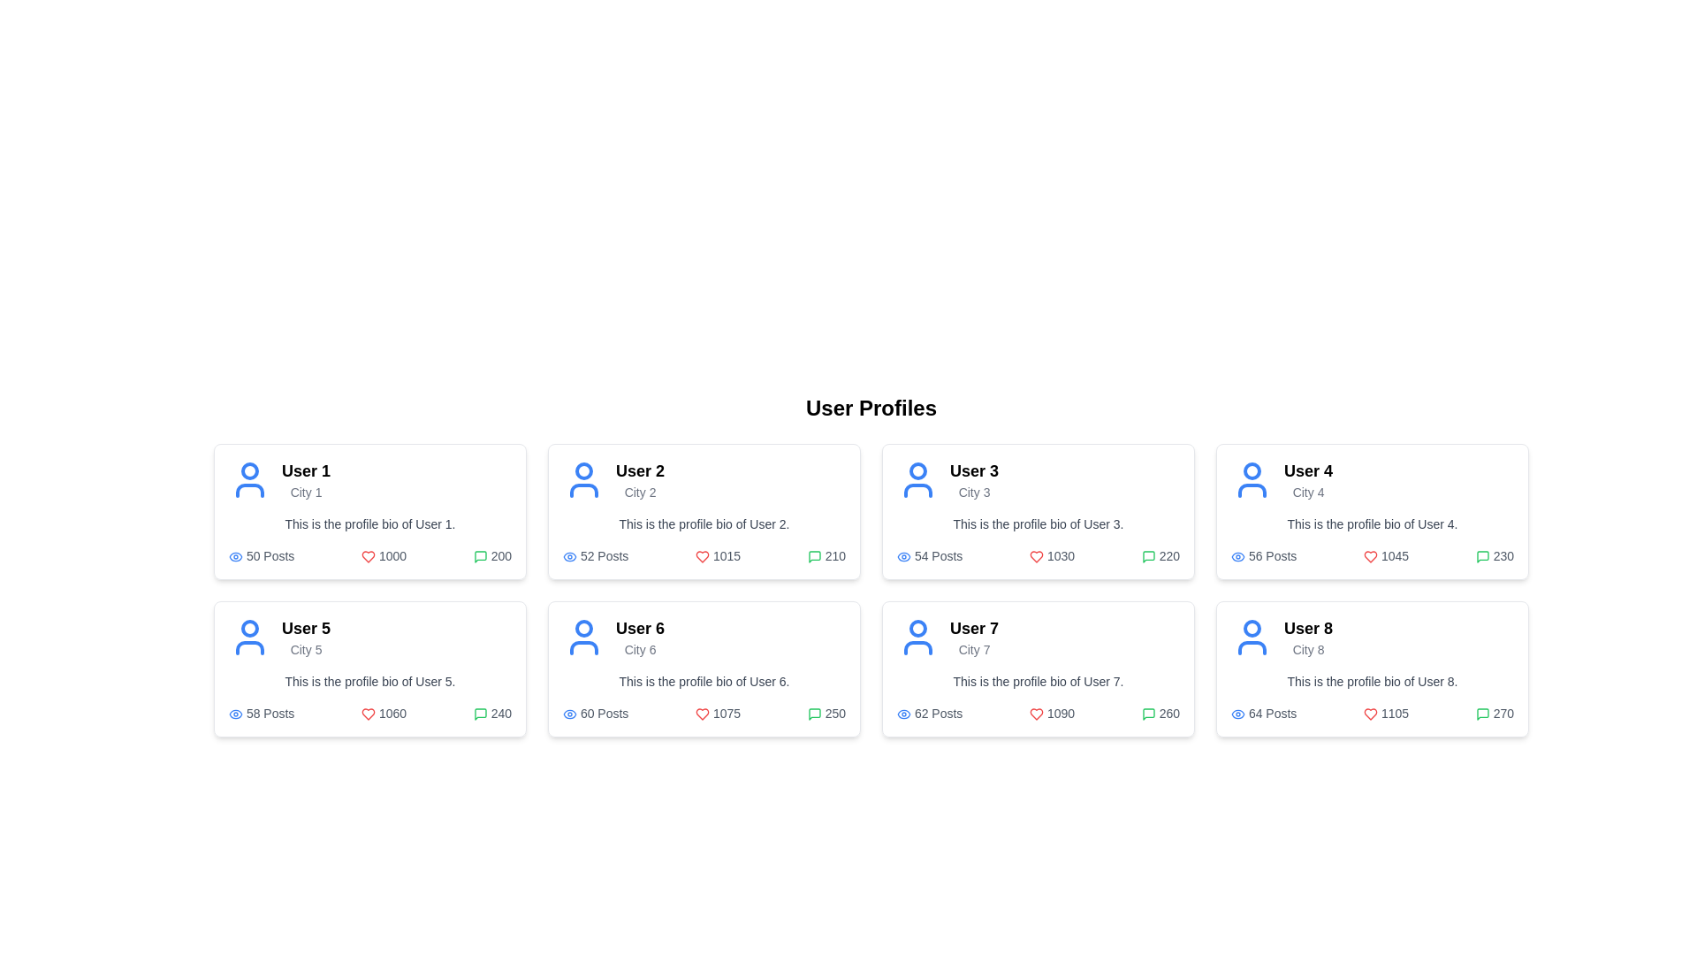 The image size is (1697, 955). What do you see at coordinates (973, 492) in the screenshot?
I see `the Label indicating the city associated with 'User 3' in the profile card located in the first row, third column of the grid` at bounding box center [973, 492].